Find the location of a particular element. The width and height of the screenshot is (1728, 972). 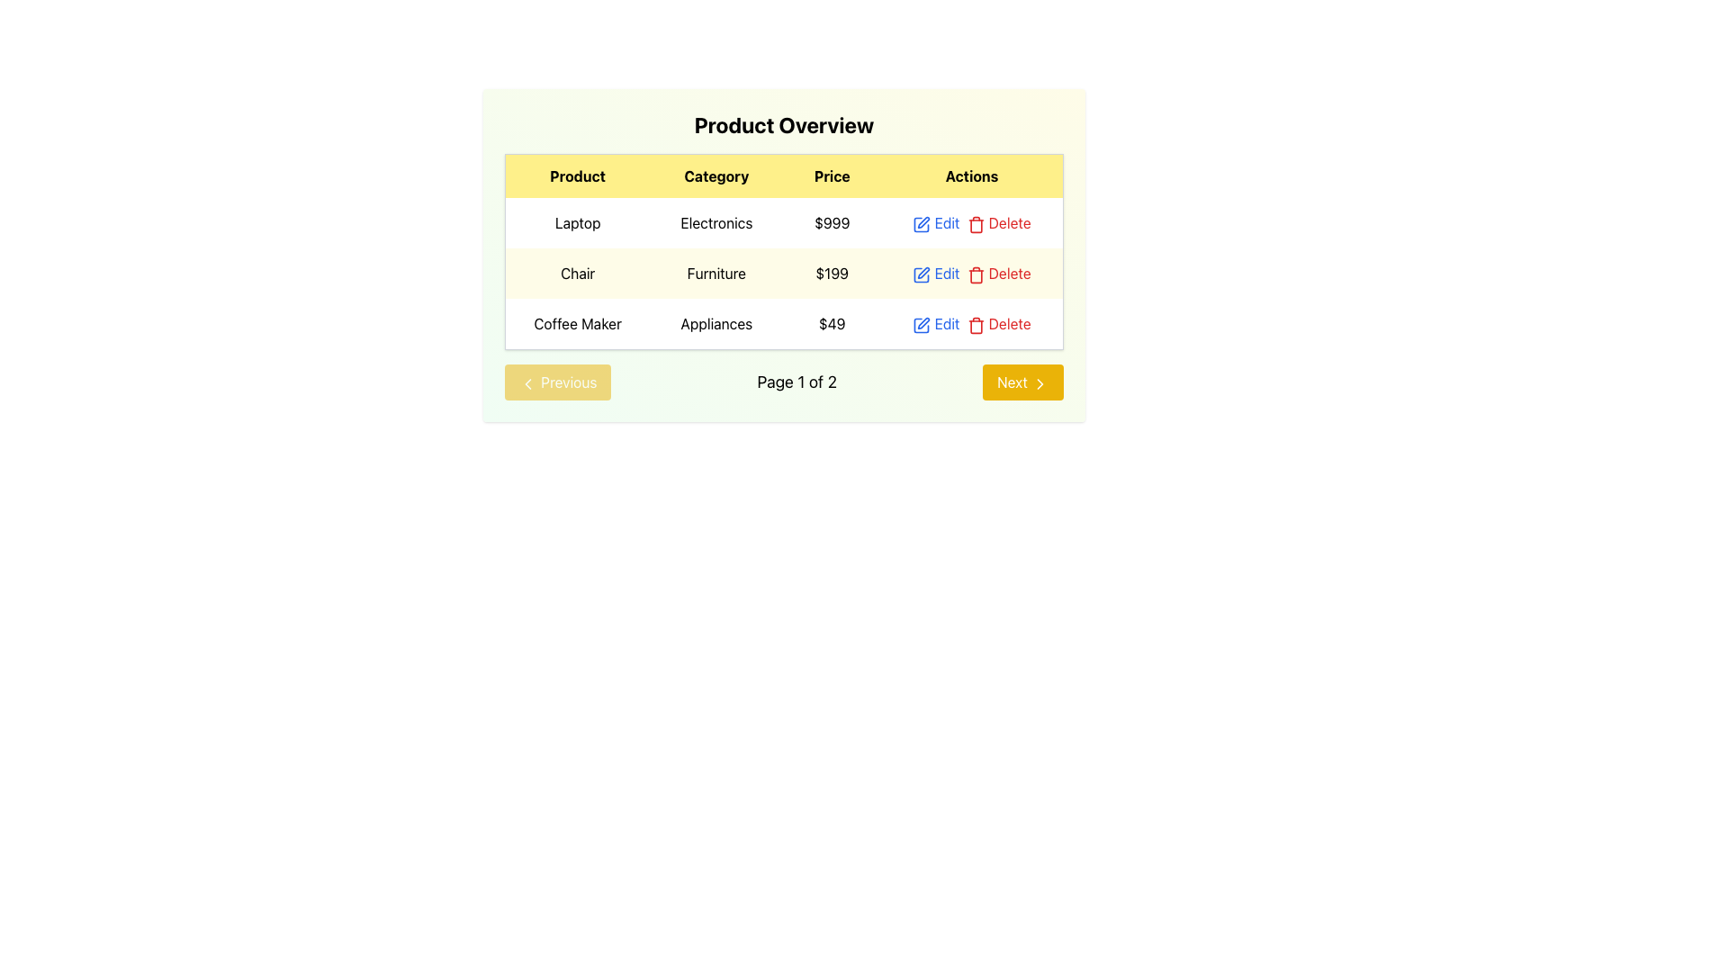

the text label displaying the price of the 'Chair' item in the 'Product Overview' table, located in the second row between the 'Category' and 'Actions' columns is located at coordinates (831, 274).